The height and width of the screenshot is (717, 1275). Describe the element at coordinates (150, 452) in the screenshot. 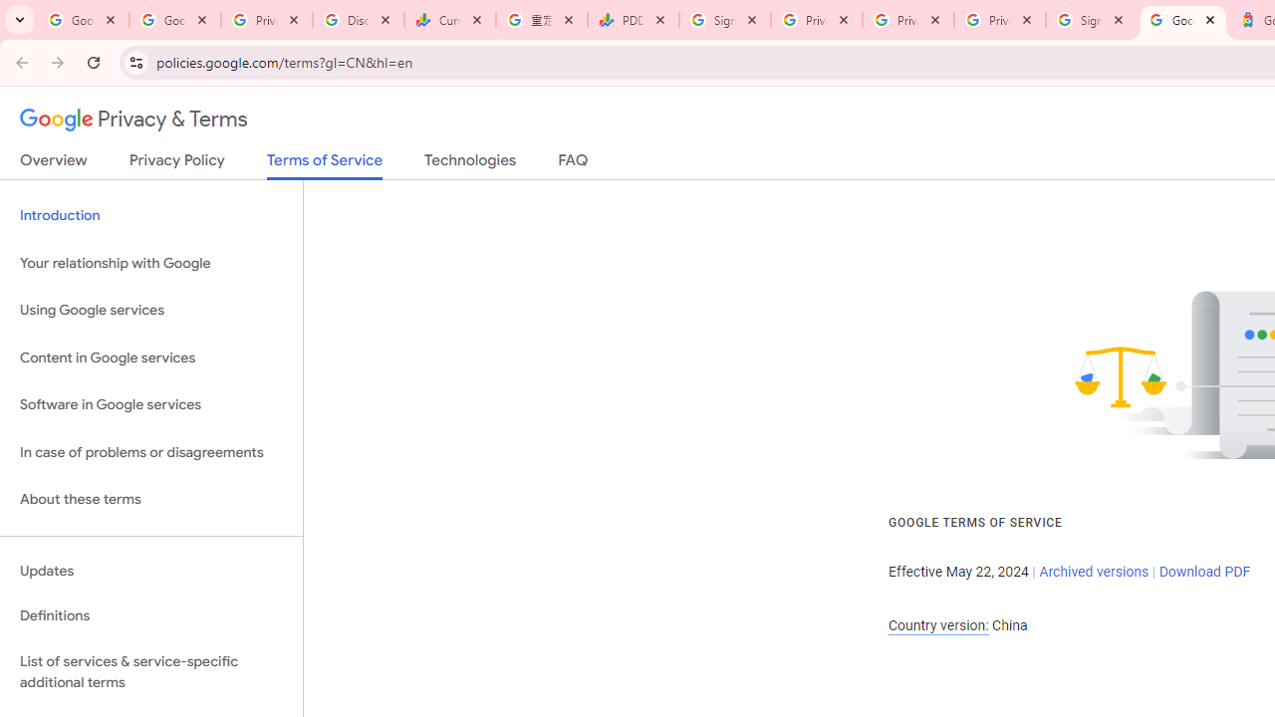

I see `'In case of problems or disagreements'` at that location.